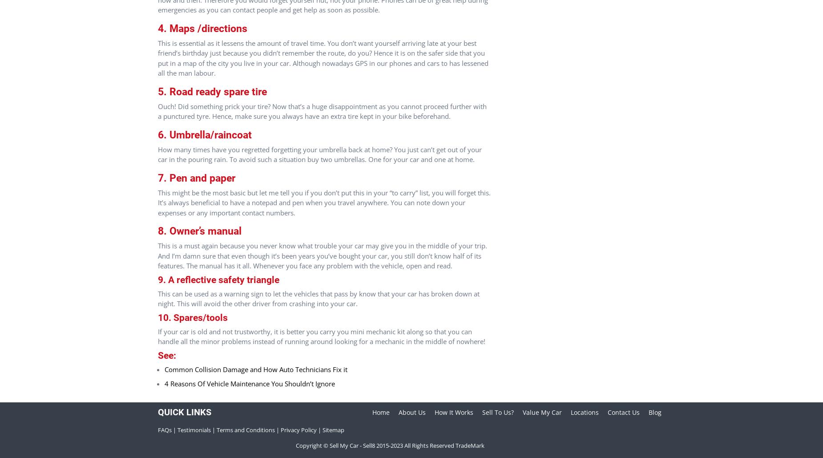 The height and width of the screenshot is (458, 823). Describe the element at coordinates (157, 255) in the screenshot. I see `'This is a must again because you never know what trouble your car may give you in the middle of your trip. And I’m damn sure that even though it’s been years you’ve bought your car, you still don’t know half of its features. The manual has it all. Whenever you face any problem with the vehicle, open and read.'` at that location.